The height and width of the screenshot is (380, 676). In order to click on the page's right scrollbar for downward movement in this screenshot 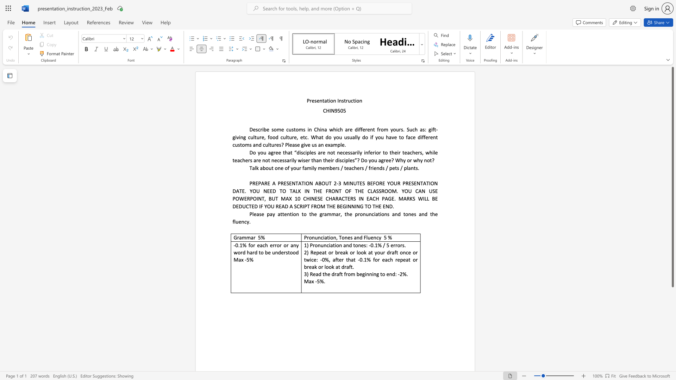, I will do `click(672, 296)`.